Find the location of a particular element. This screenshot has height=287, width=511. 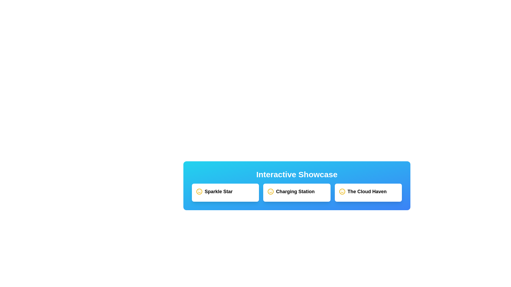

the text label displaying 'Sparkle Star' that is styled with a bold font and positioned within a white card, located next to a yellow emoji icon is located at coordinates (219, 192).